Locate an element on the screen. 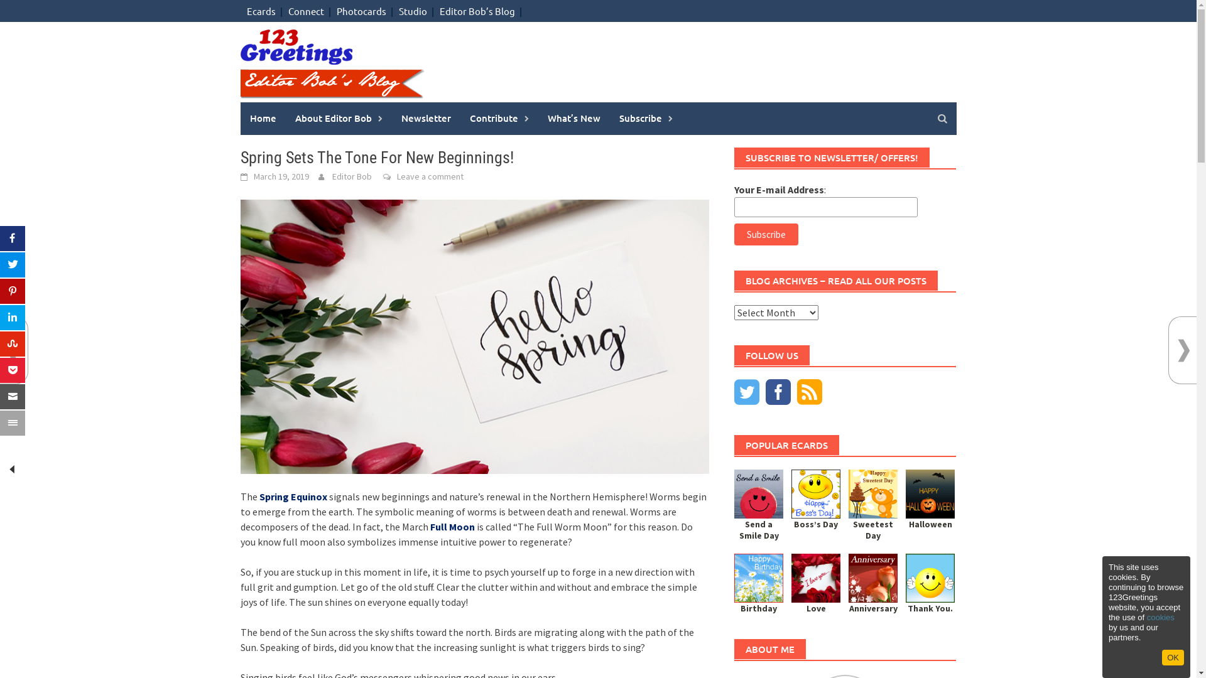  'Photocards' is located at coordinates (361, 11).